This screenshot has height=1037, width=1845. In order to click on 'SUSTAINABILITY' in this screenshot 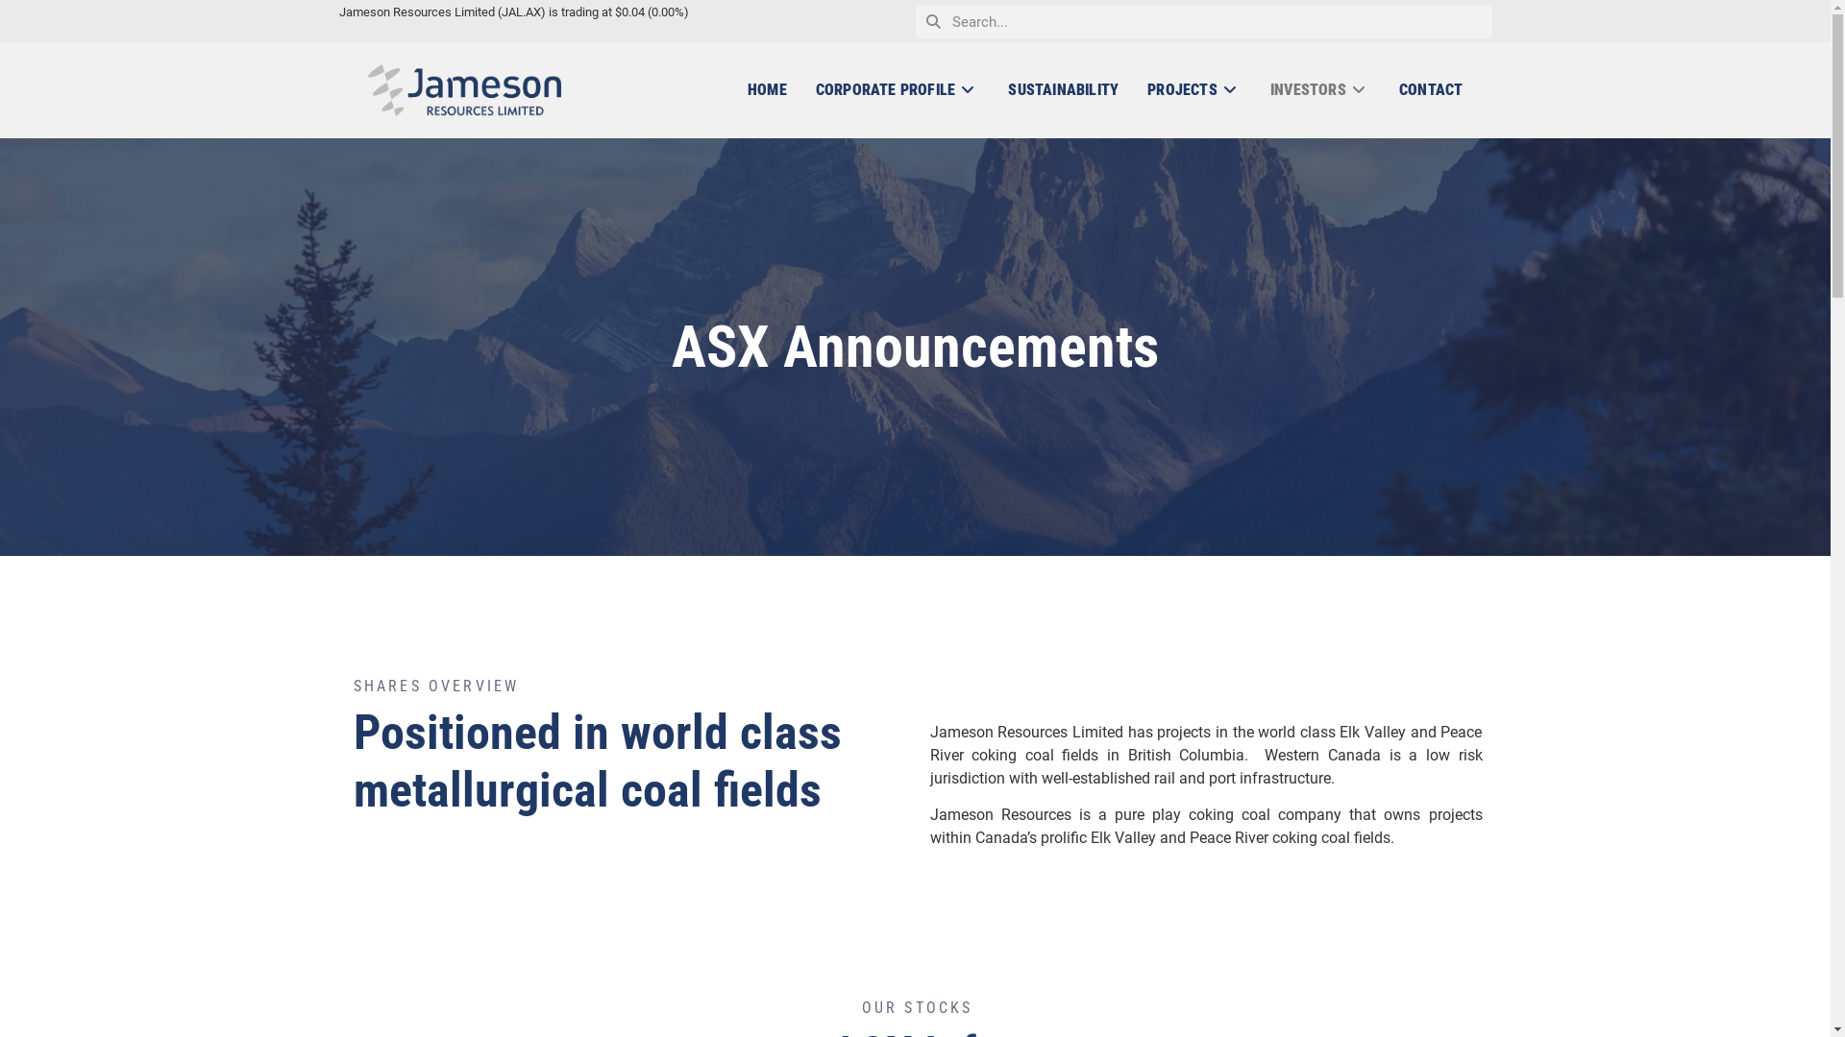, I will do `click(1062, 89)`.